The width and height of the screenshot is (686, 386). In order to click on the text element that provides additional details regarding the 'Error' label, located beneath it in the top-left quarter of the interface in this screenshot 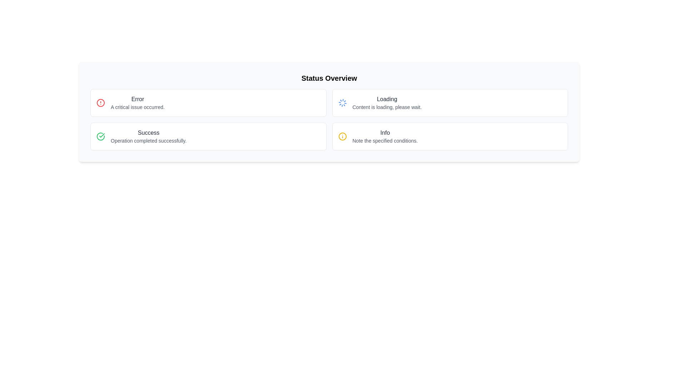, I will do `click(138, 107)`.